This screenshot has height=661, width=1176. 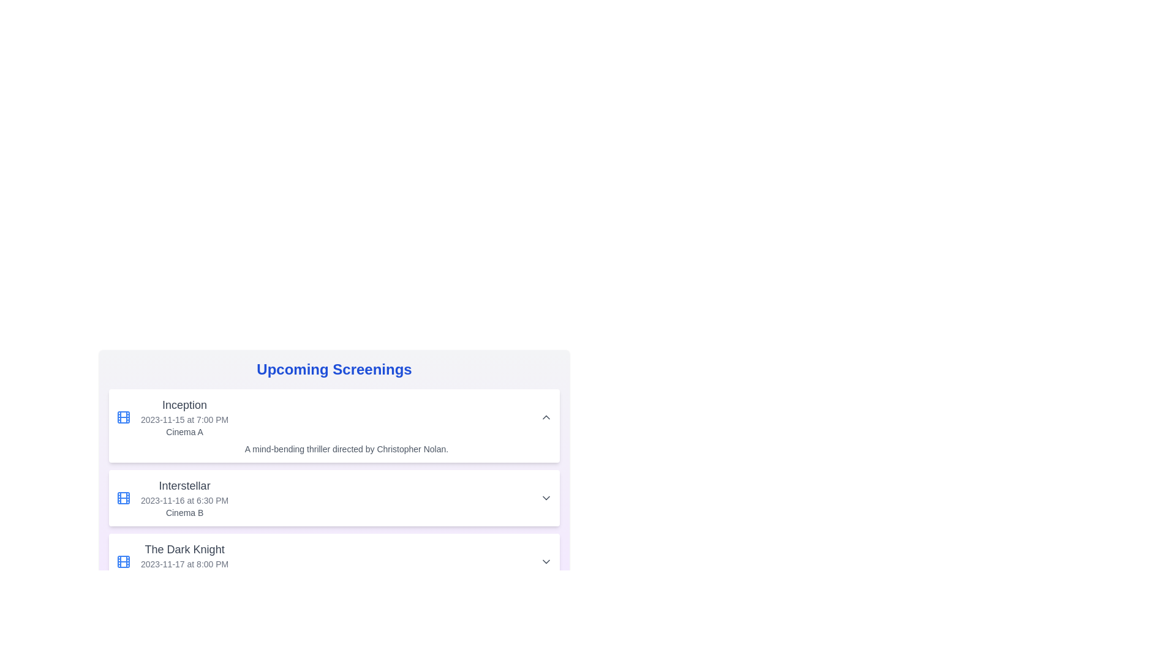 I want to click on the details of the informational text block about the upcoming movie screening, which is positioned below 'Inception' and above 'The Dark Knight' in the list, so click(x=184, y=498).